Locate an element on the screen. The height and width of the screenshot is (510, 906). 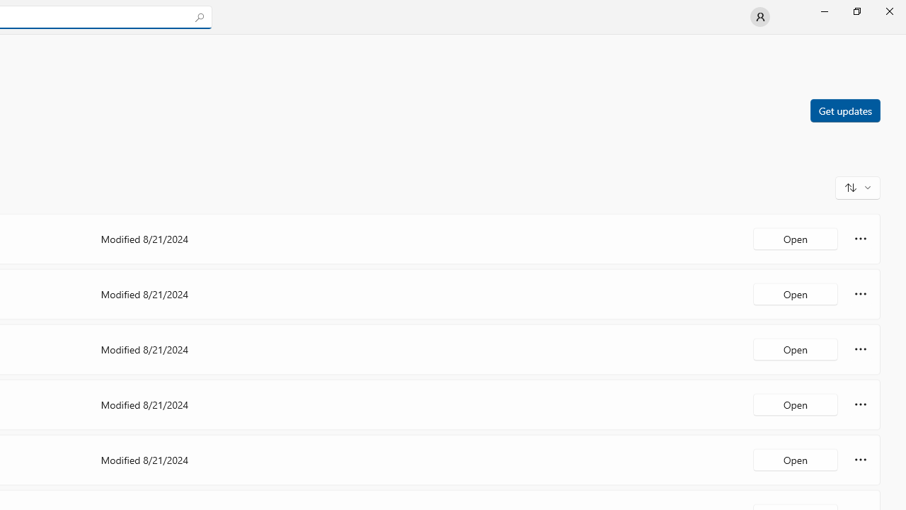
'User profile' is located at coordinates (759, 17).